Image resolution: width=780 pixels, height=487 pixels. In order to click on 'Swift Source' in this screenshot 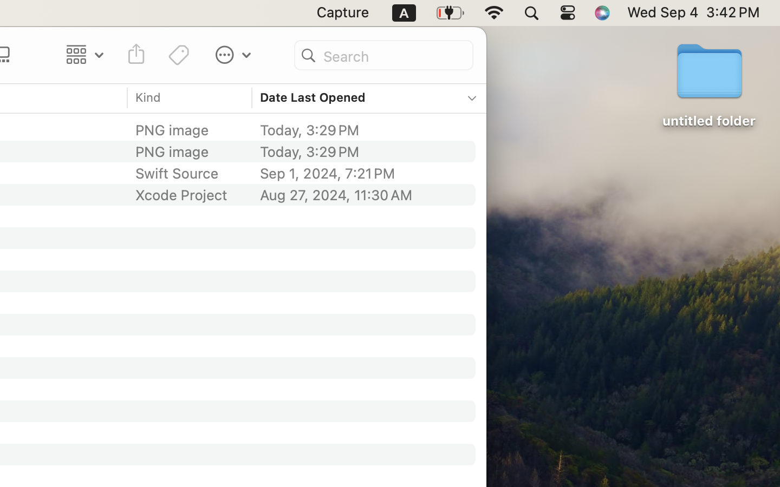, I will do `click(177, 173)`.